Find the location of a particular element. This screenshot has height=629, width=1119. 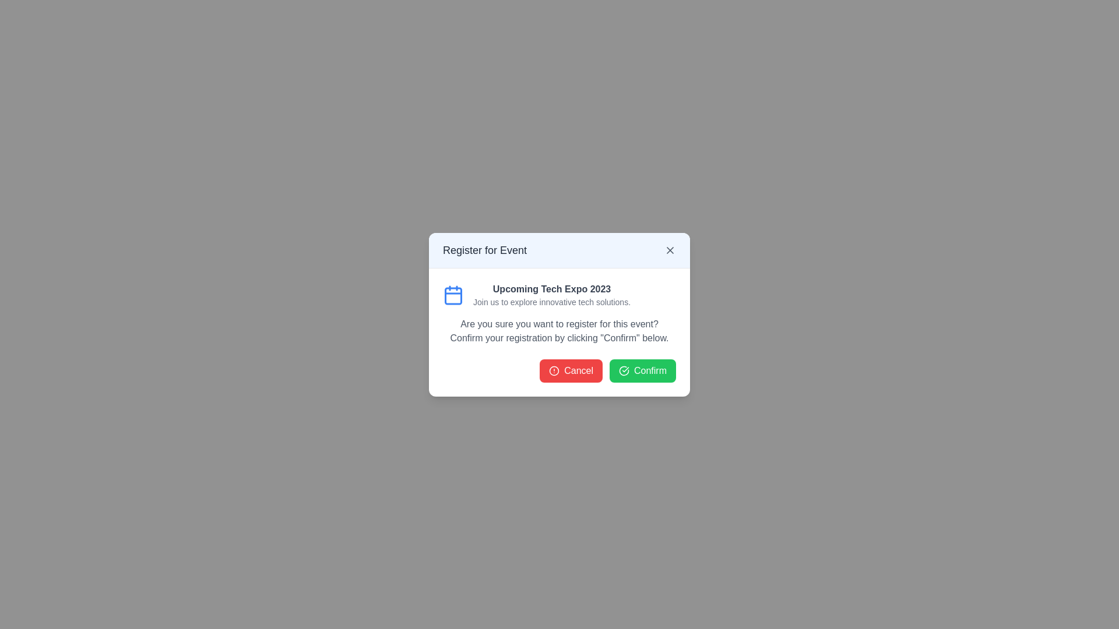

the graphical representation of the Confirm icon located to the left of the text label 'Confirm' within the Confirm button at the bottom-right of the modal dialog box is located at coordinates (623, 370).